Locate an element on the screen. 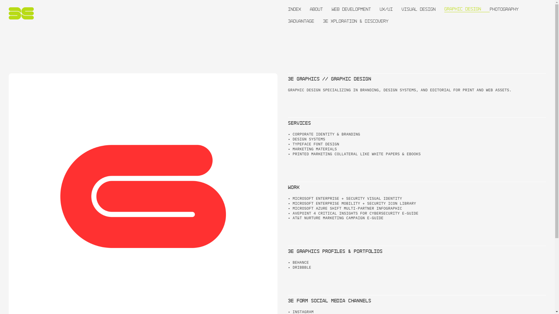 The height and width of the screenshot is (314, 559). 'DRIBBBLE' is located at coordinates (292, 267).